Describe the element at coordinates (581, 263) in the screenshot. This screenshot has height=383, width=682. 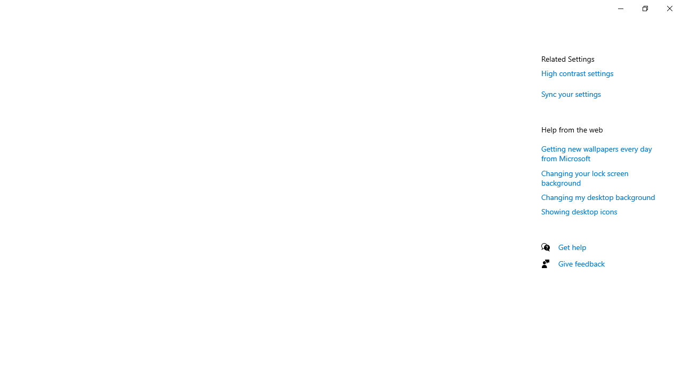
I see `'Give feedback'` at that location.